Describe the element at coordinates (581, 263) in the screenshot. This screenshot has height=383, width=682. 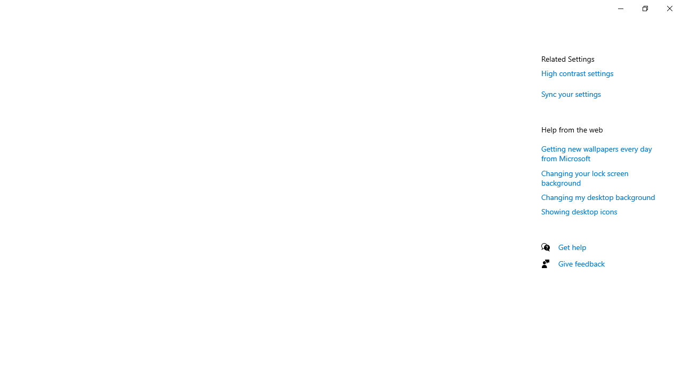
I see `'Give feedback'` at that location.